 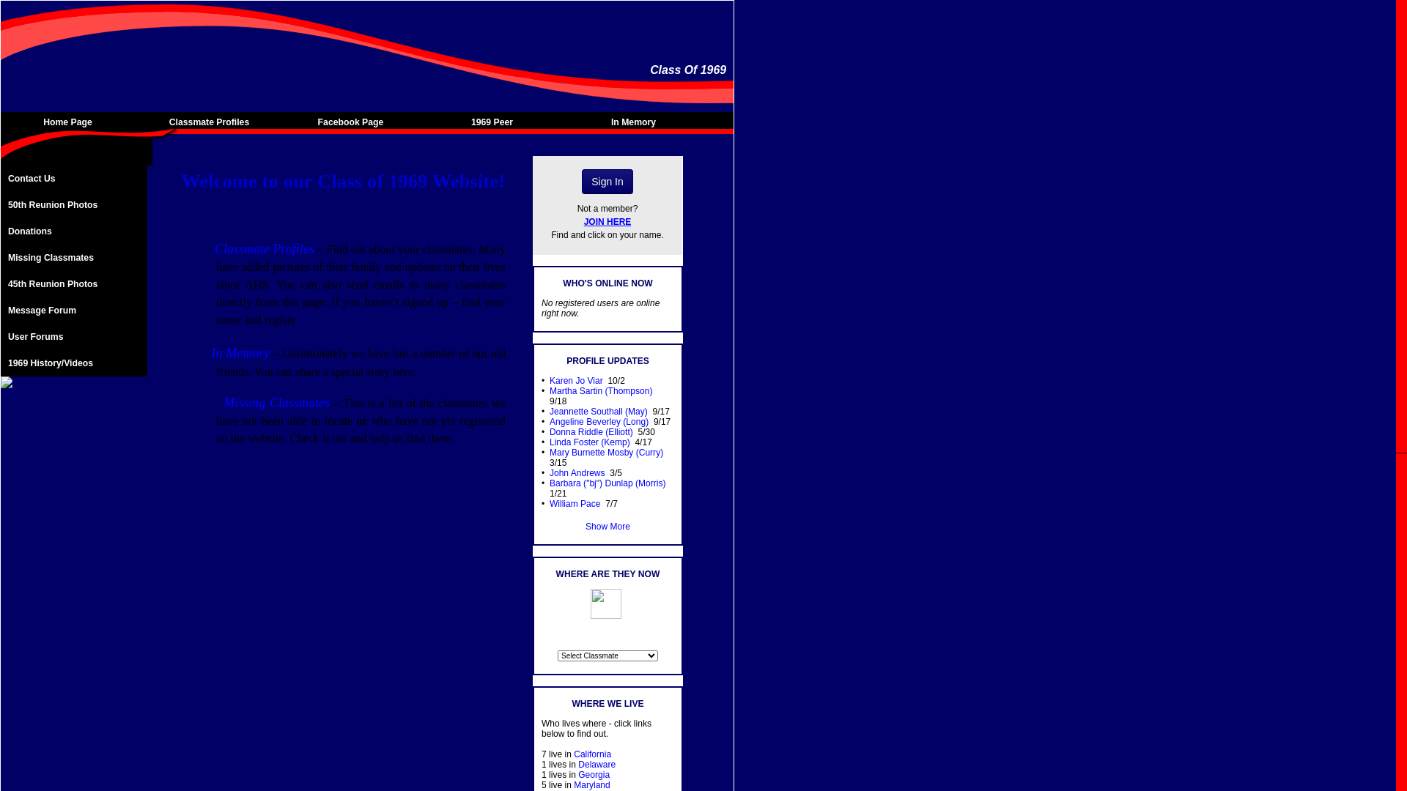 What do you see at coordinates (548, 442) in the screenshot?
I see `'Linda Foster (Kemp)'` at bounding box center [548, 442].